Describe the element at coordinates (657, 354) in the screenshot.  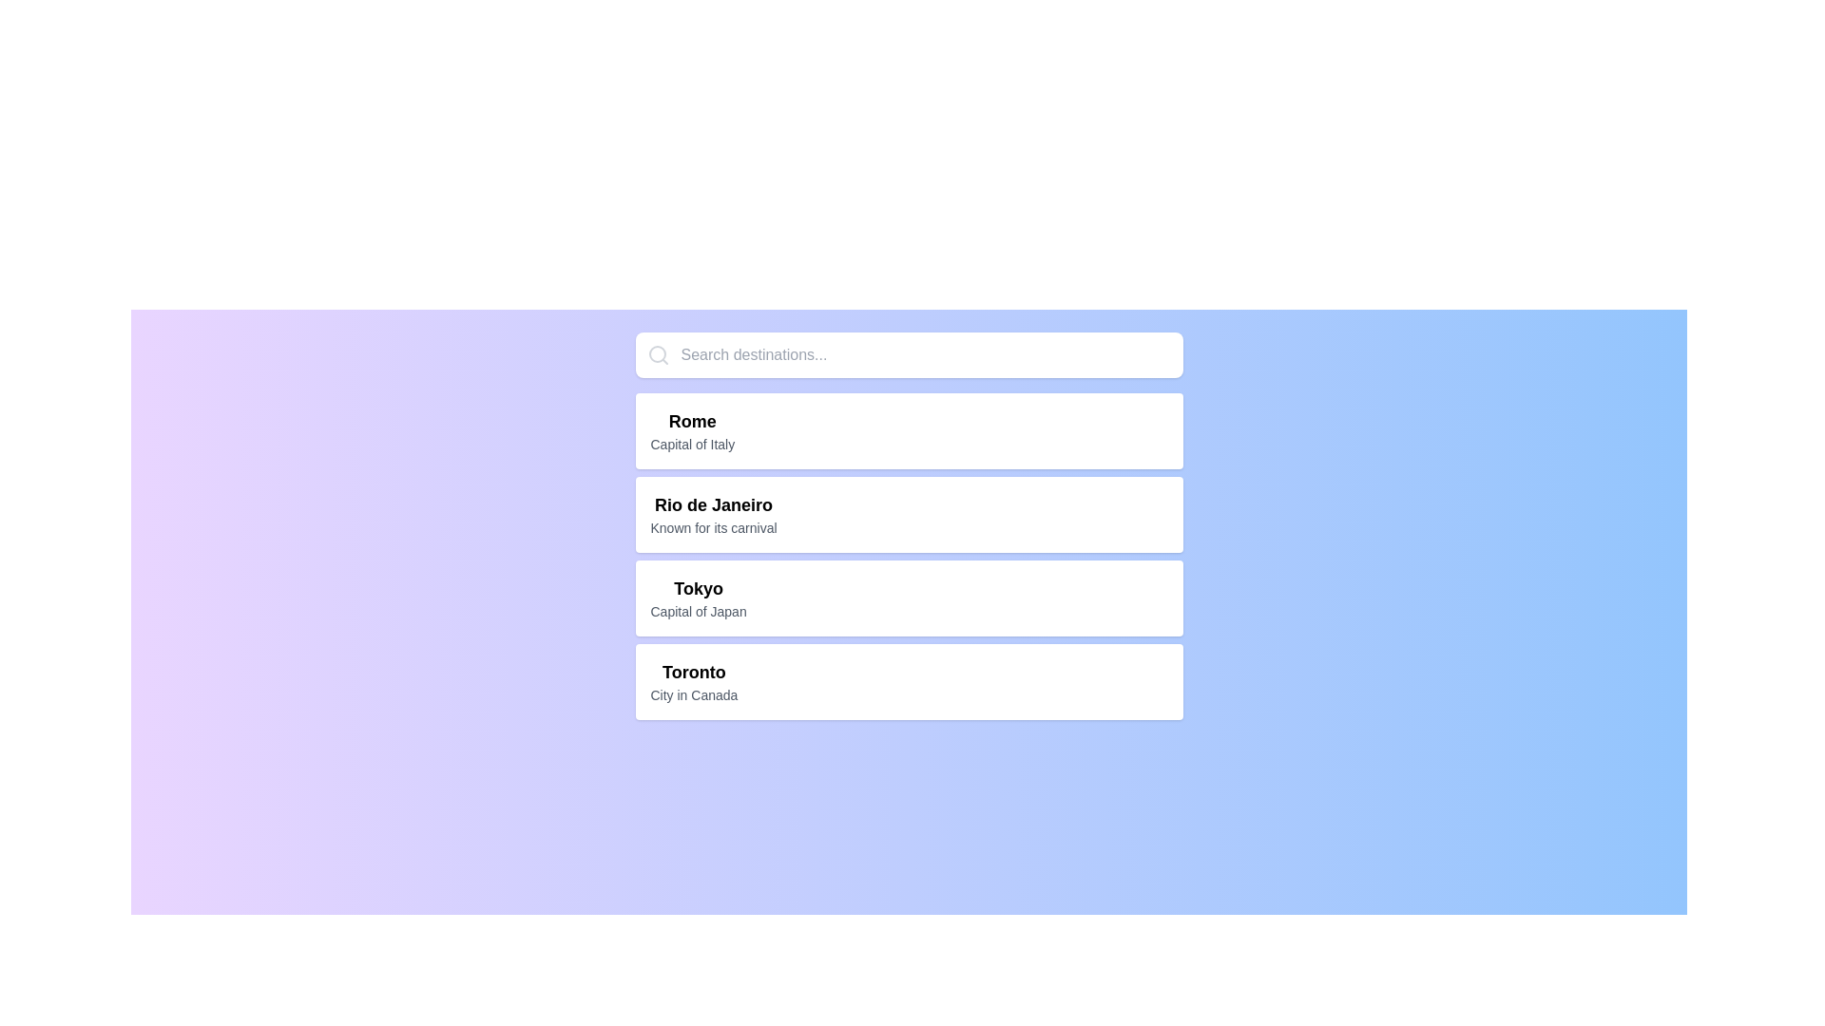
I see `the SVG circle element that is part of an icon, located near the upper left edge of a larger rounded rectangular input box, slightly to the left of the placeholder text 'Search destinations...'` at that location.